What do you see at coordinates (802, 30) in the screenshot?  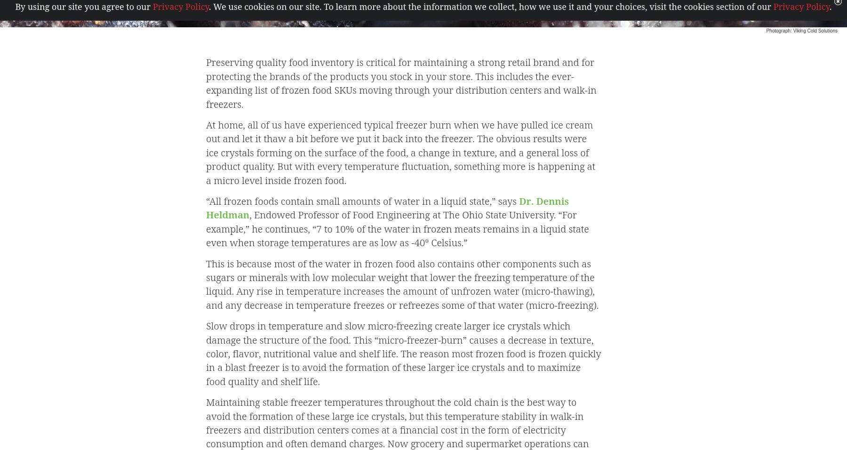 I see `'Photograph: Viking Cold Solutions'` at bounding box center [802, 30].